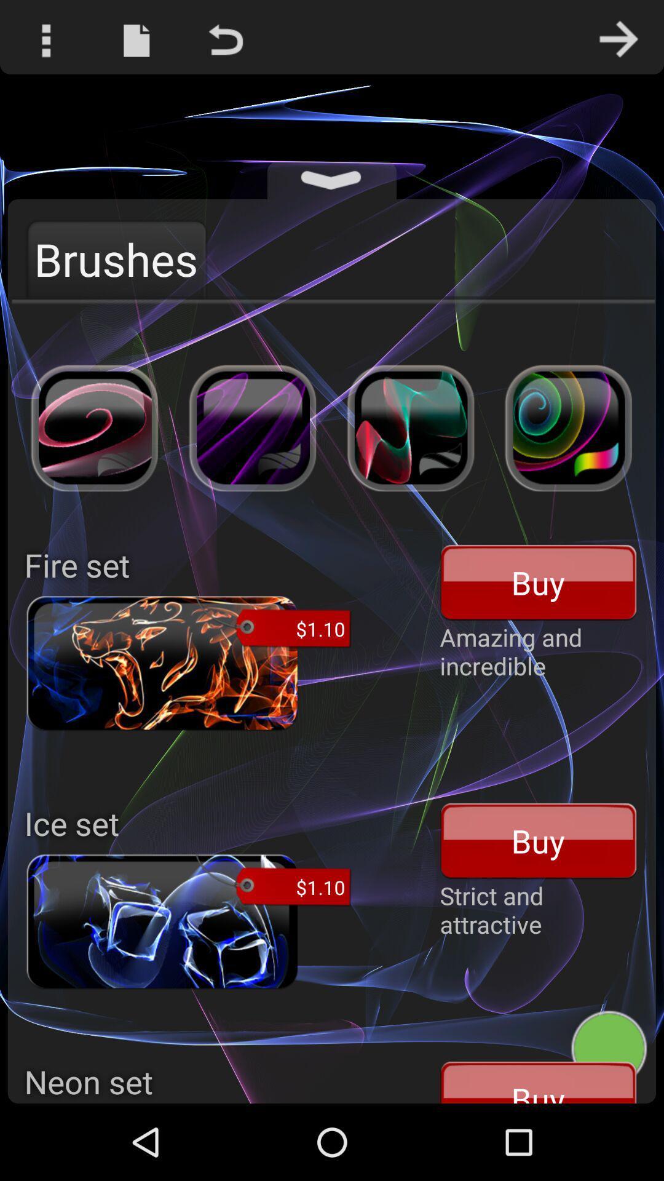 This screenshot has width=664, height=1181. I want to click on the buy which is beside fire set, so click(538, 581).